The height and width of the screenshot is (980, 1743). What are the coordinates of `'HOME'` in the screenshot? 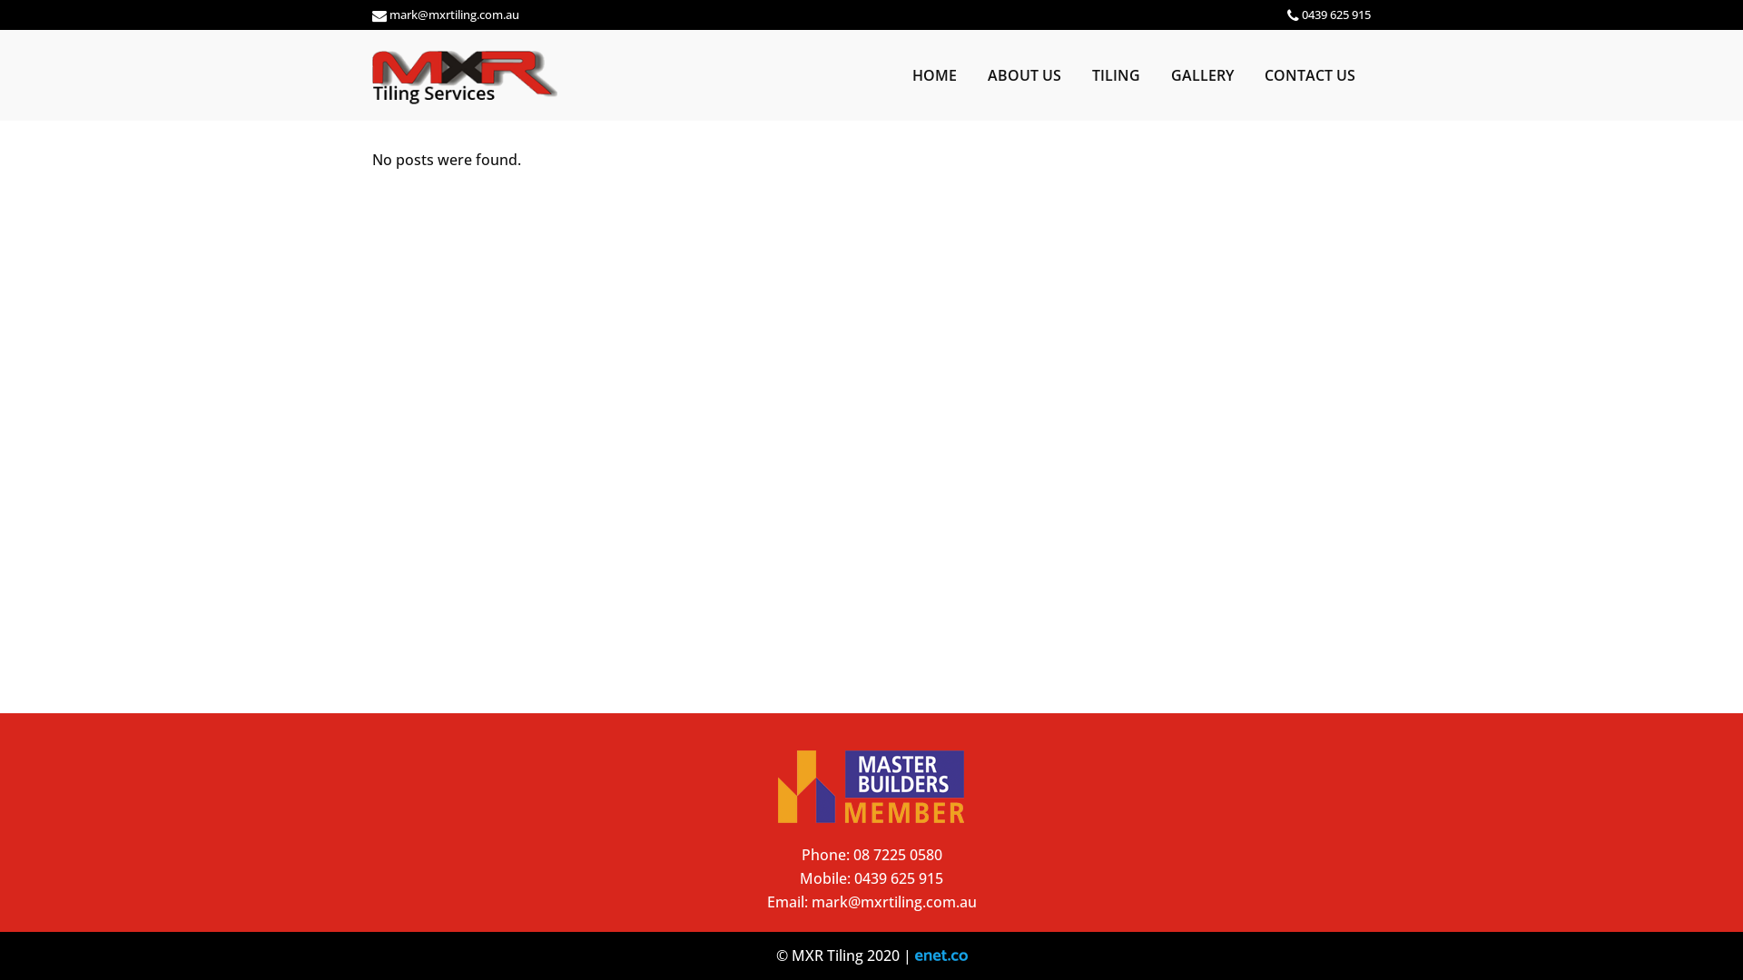 It's located at (897, 74).